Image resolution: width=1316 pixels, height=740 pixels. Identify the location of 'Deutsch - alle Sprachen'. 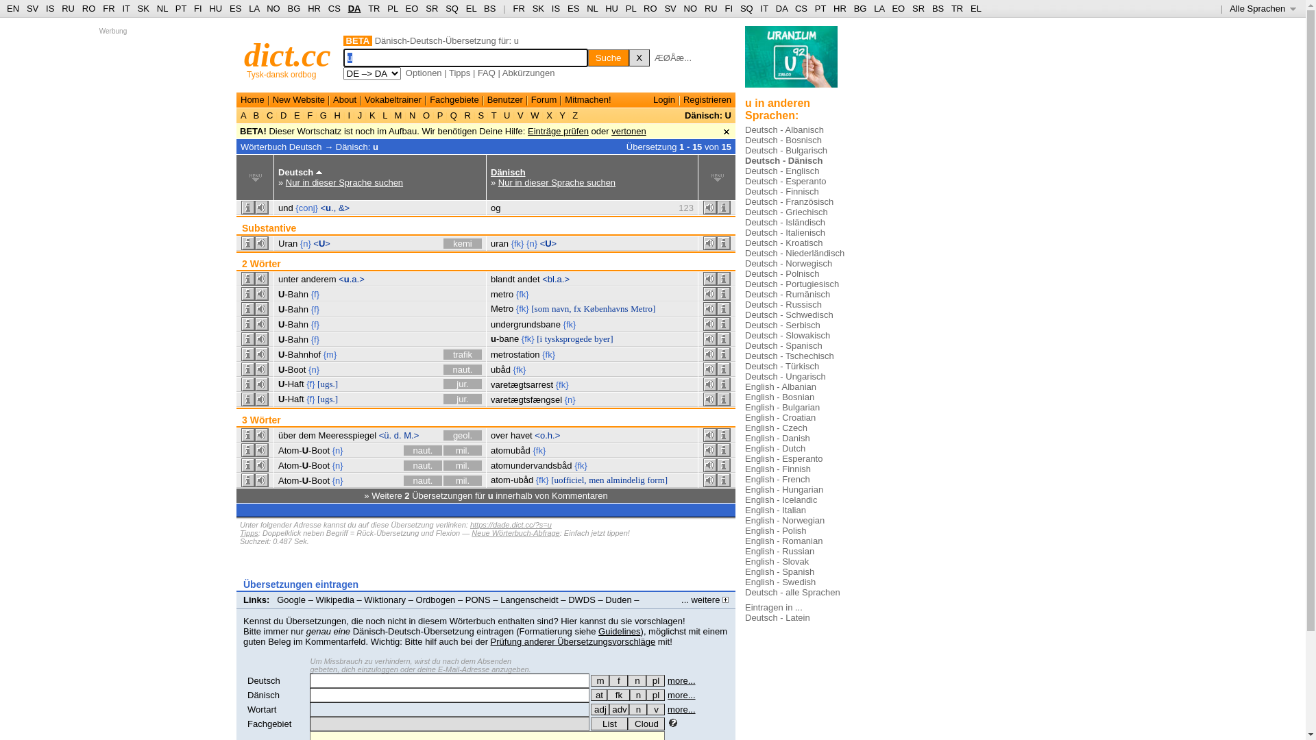
(792, 591).